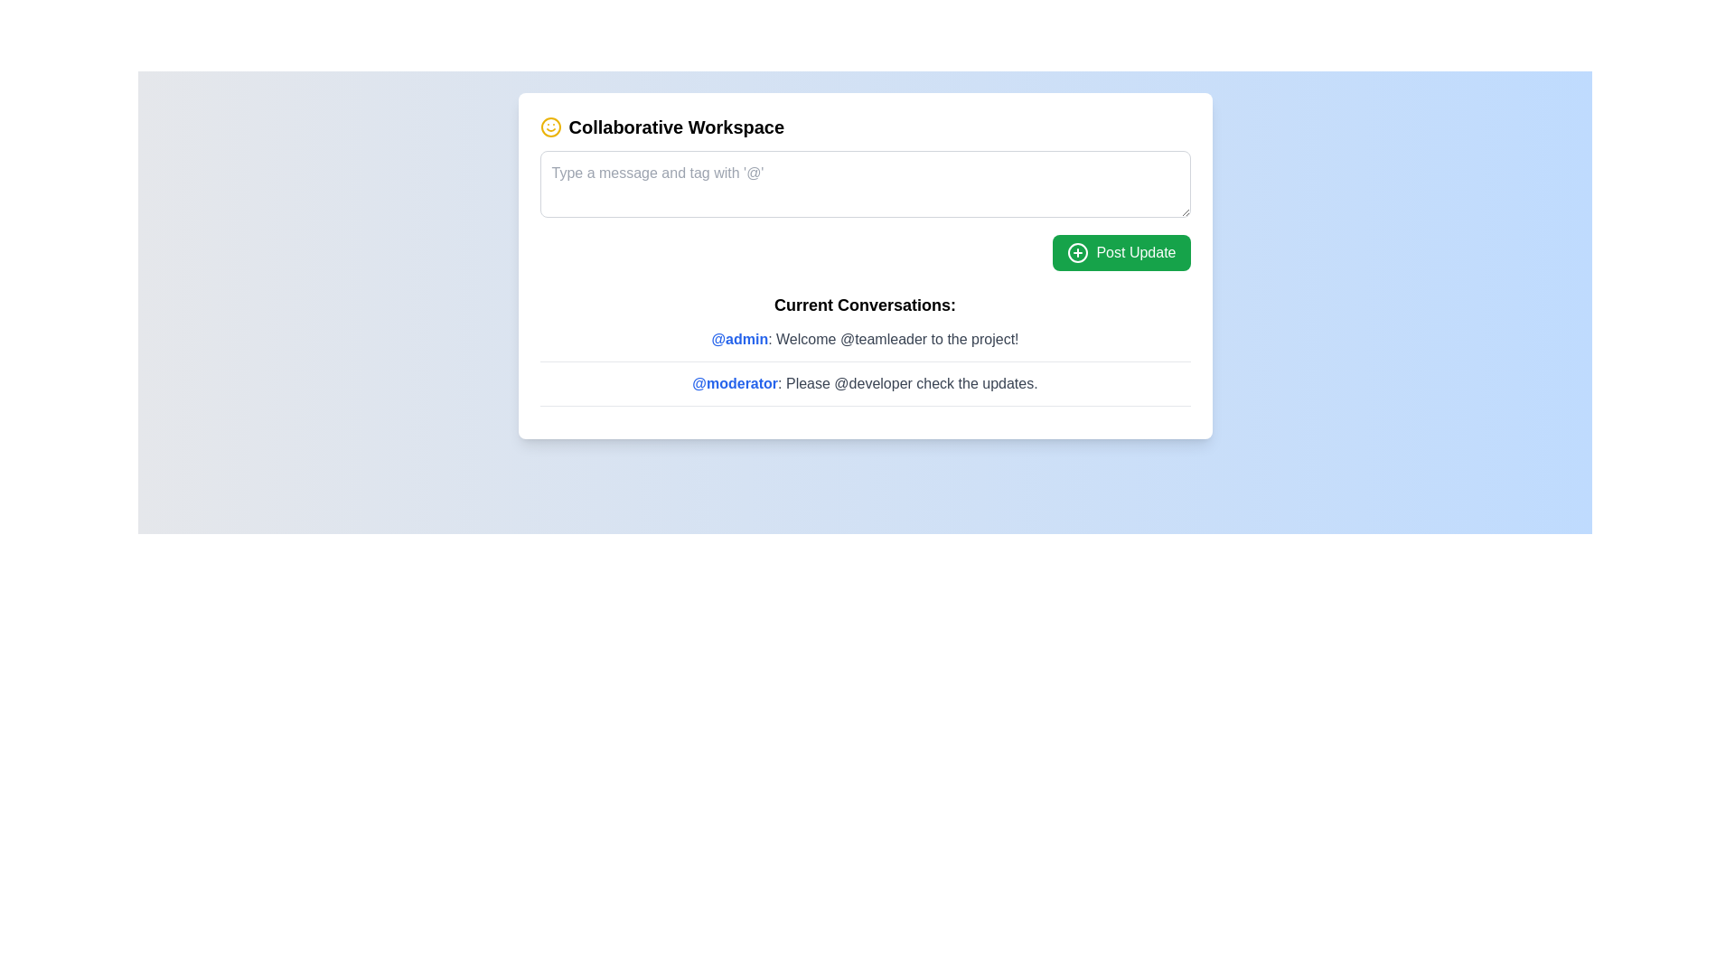 Image resolution: width=1735 pixels, height=976 pixels. I want to click on the Text Label that serves as a descriptive header for the section containing conversation messages, located centrally below the text input and button elements, so click(864, 305).